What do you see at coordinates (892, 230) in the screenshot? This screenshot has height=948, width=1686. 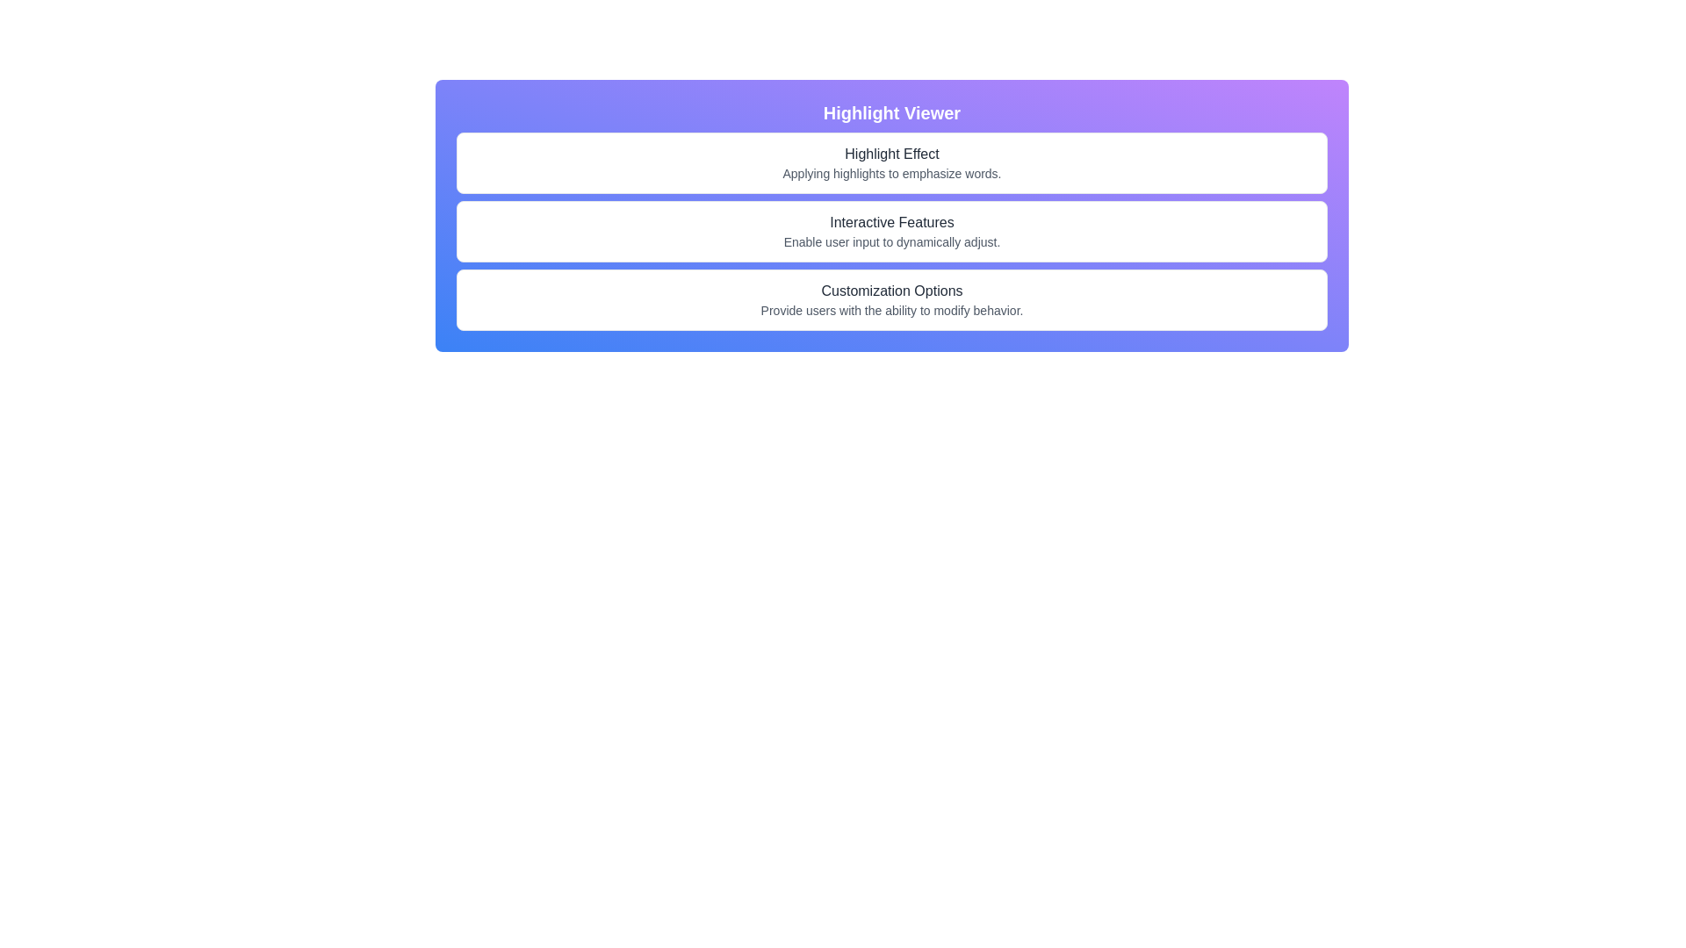 I see `the text card labeled 'Interactive Features' which is a white rectangular box with rounded corners containing a title and description, positioned between 'Highlight Effect' and 'Customization Options' in the 'Highlight Viewer' section` at bounding box center [892, 230].